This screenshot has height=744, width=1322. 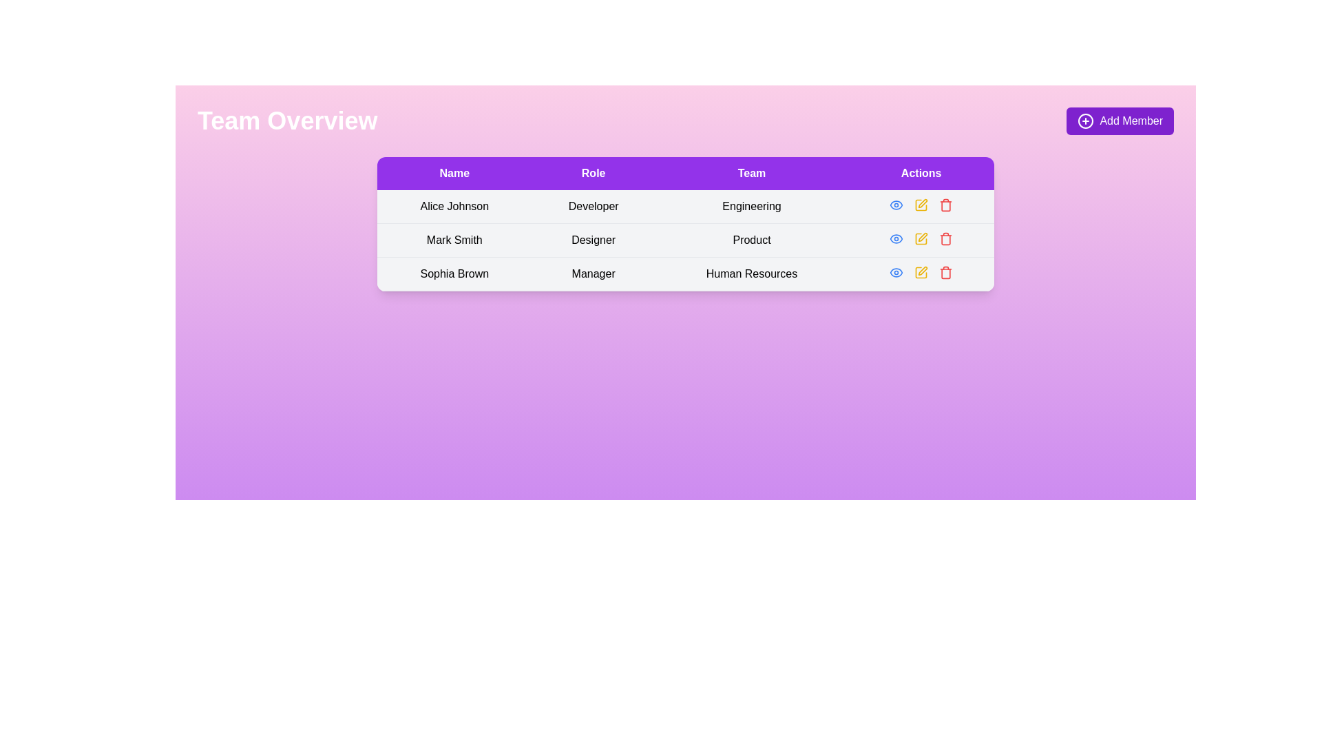 I want to click on the delete icon button in the Actions column of the first row in the table, so click(x=945, y=205).